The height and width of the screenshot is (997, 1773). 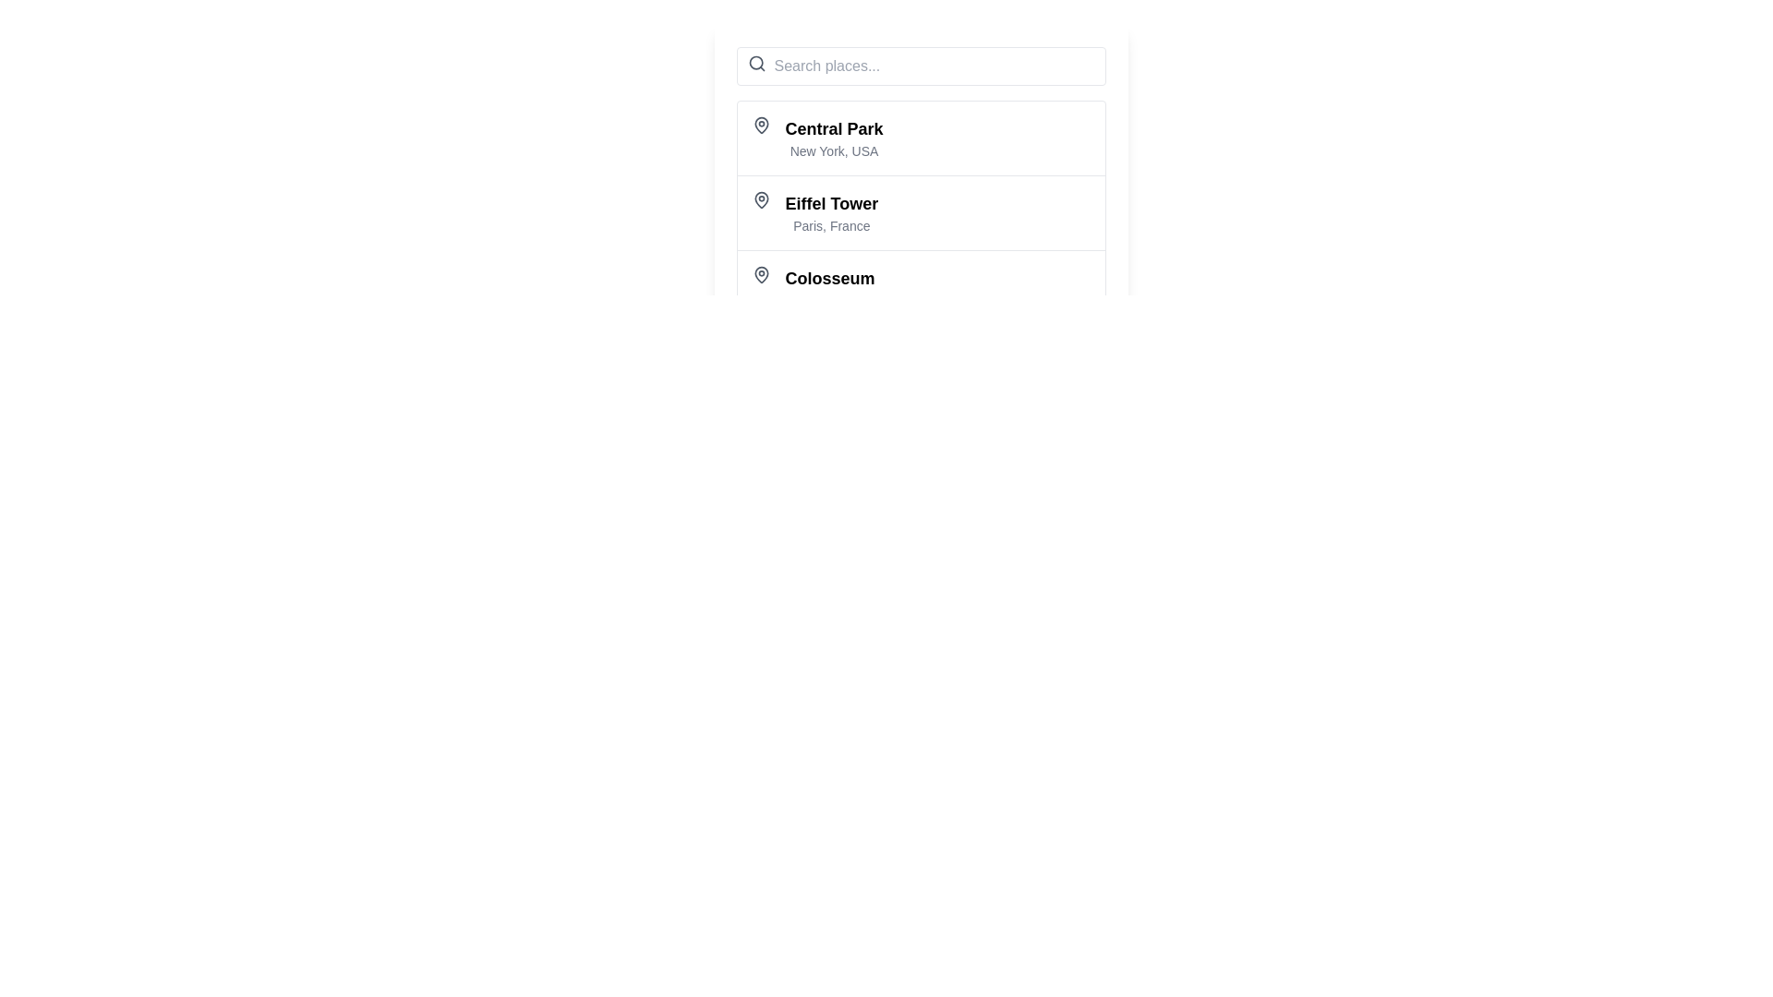 I want to click on the text label displaying 'Paris, France', which is styled in gray and positioned below the title 'Eiffel Tower', so click(x=830, y=225).